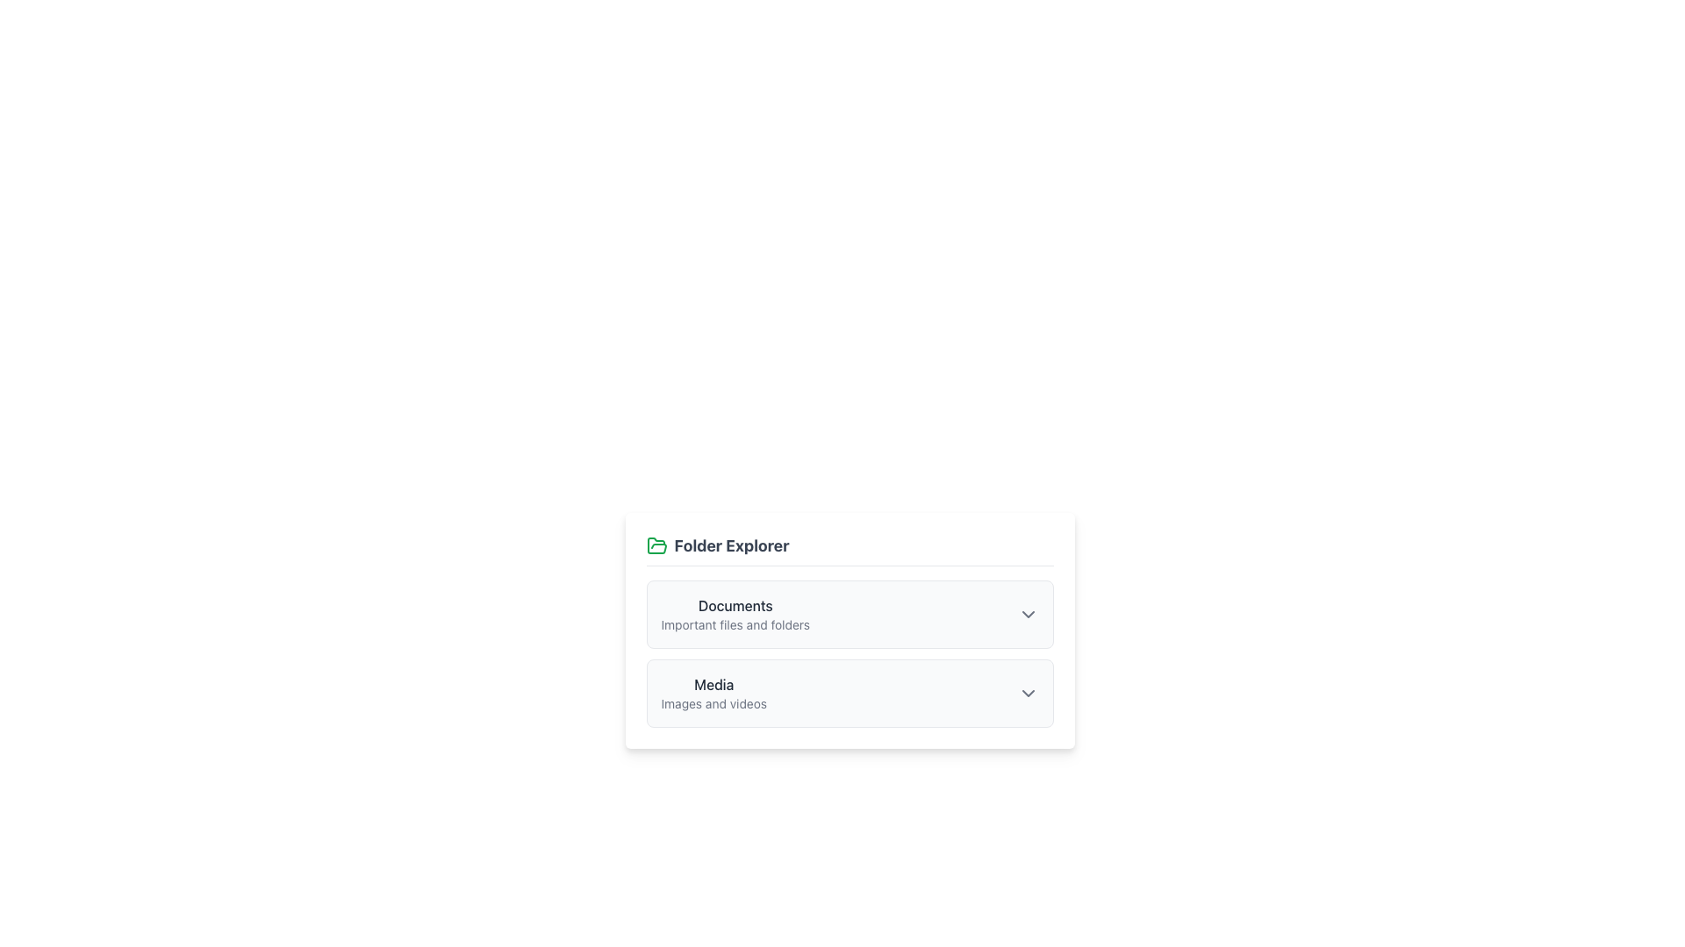 The width and height of the screenshot is (1685, 947). I want to click on the 'Folder Explorer' icon located at the top left corner of the 'Folder Explorer' section, next to the title text, so click(656, 545).